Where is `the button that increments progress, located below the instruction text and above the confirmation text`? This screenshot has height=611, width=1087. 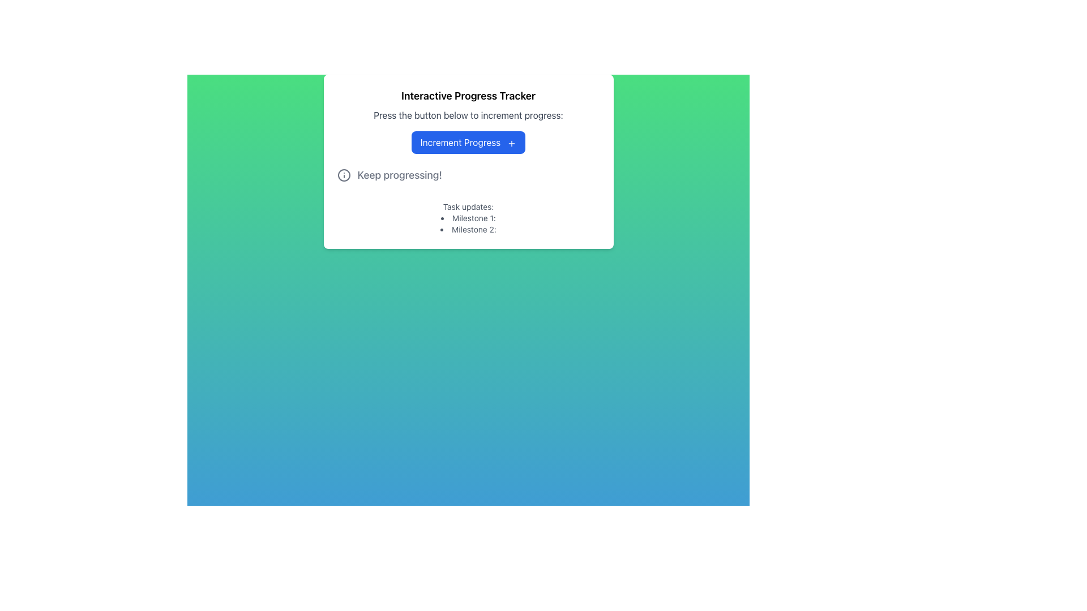 the button that increments progress, located below the instruction text and above the confirmation text is located at coordinates (468, 141).